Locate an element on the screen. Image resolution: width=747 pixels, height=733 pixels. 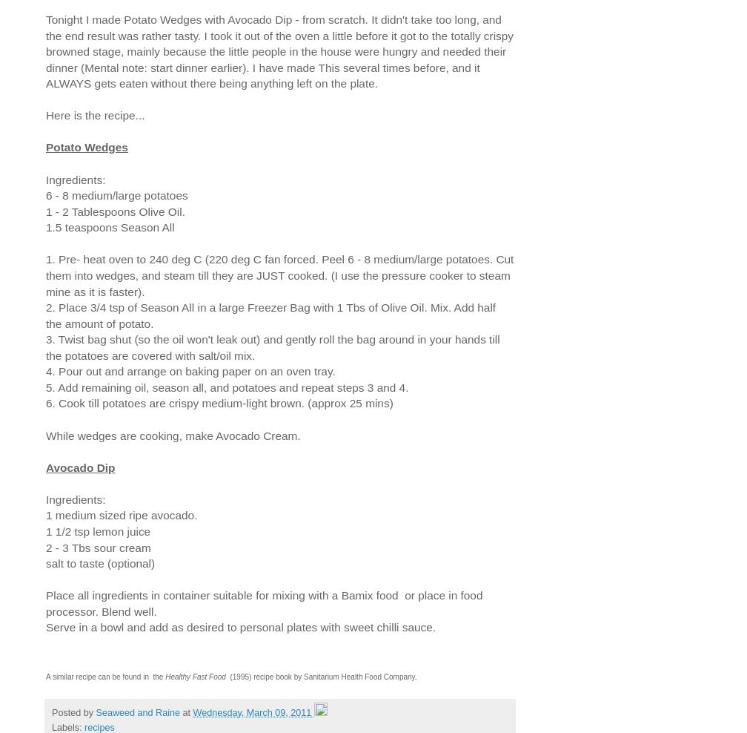
'6 - 8 medium/large potatoes' is located at coordinates (116, 194).